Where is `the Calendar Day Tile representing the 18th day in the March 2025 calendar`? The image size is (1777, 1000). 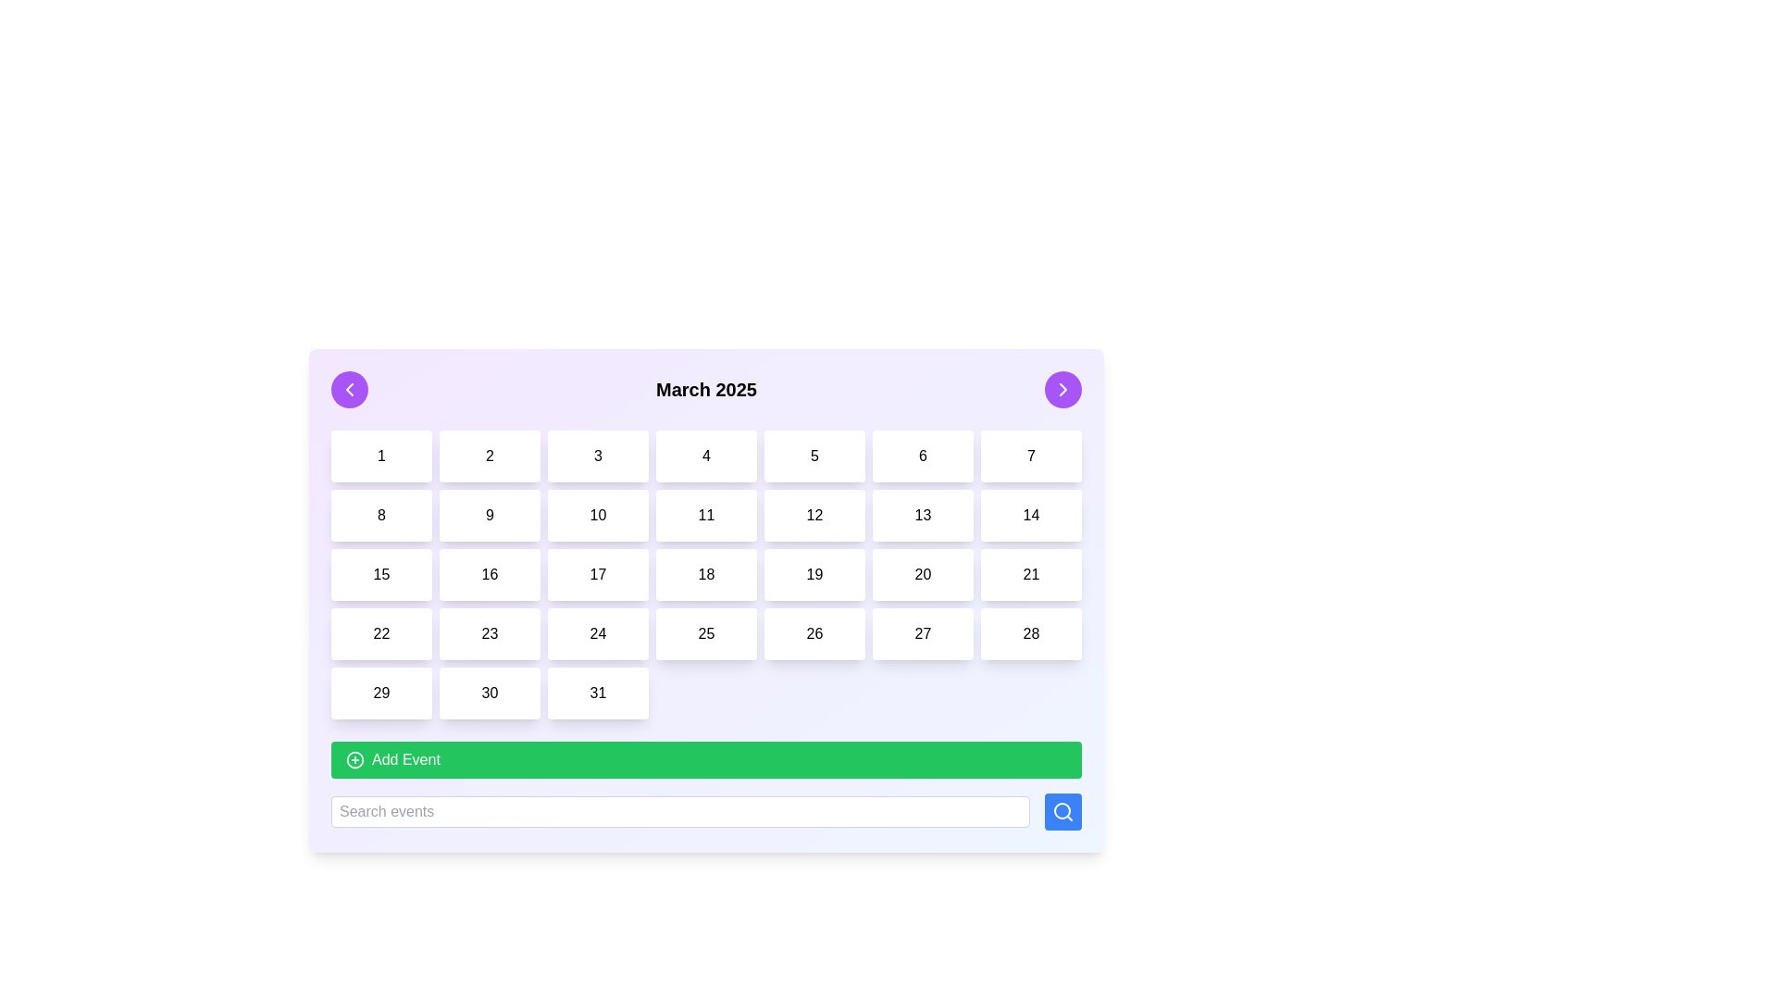
the Calendar Day Tile representing the 18th day in the March 2025 calendar is located at coordinates (705, 574).